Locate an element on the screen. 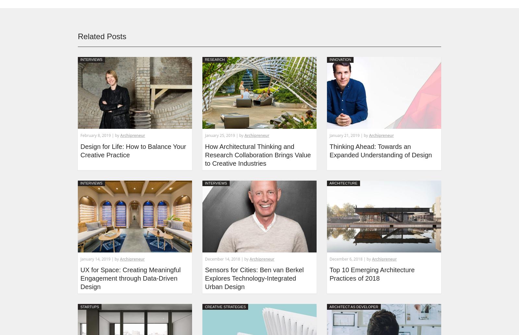 Image resolution: width=519 pixels, height=335 pixels. 'December 6, 2018 | by' is located at coordinates (350, 258).